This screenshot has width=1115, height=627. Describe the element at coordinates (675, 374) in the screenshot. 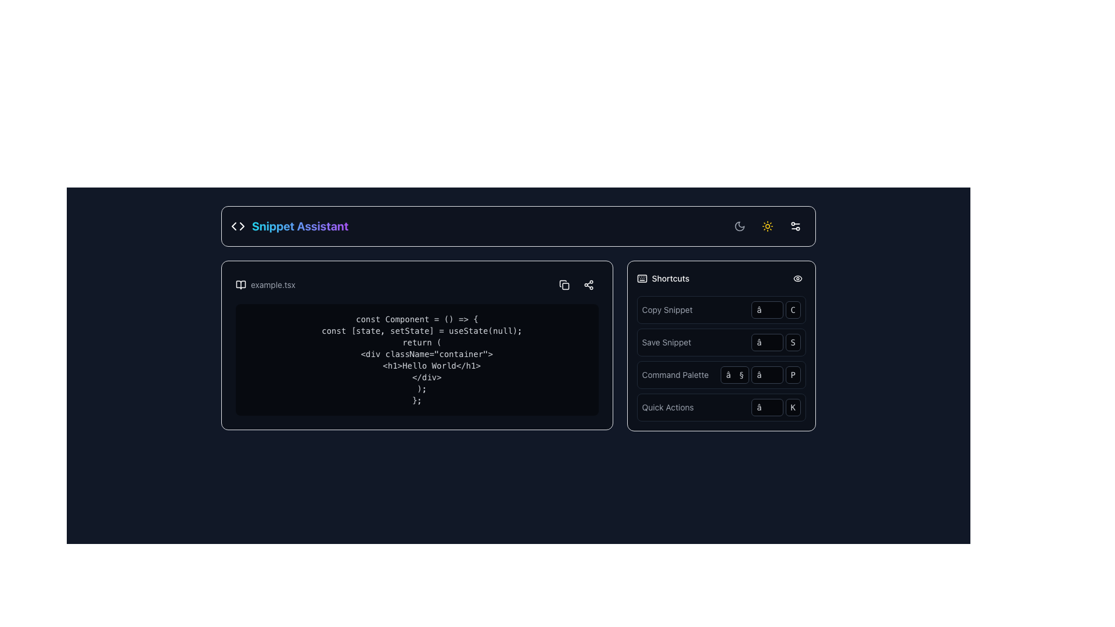

I see `the textual label displaying 'Command Palette', which is styled in a small gray font and located at the upper-middle area of the shortcut section on the right side of the interface` at that location.